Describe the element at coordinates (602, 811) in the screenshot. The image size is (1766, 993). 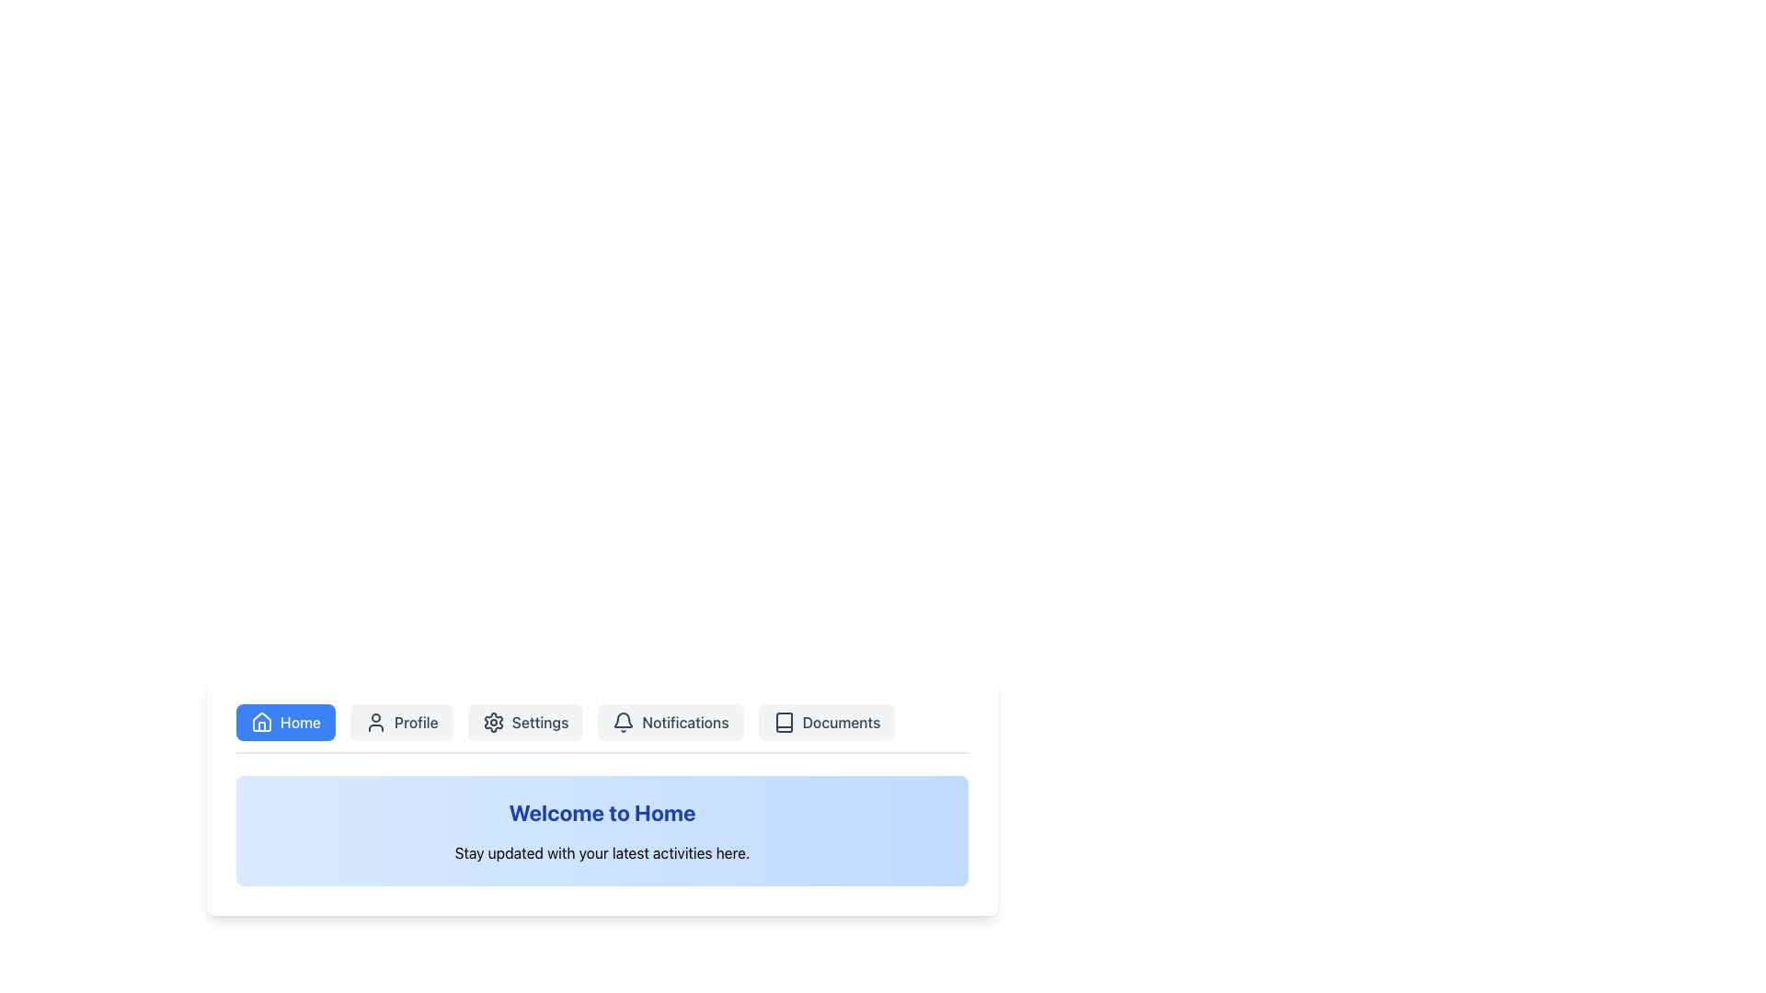
I see `welcoming header text located at the top of the blue-gradient section, which introduces the context of the page` at that location.